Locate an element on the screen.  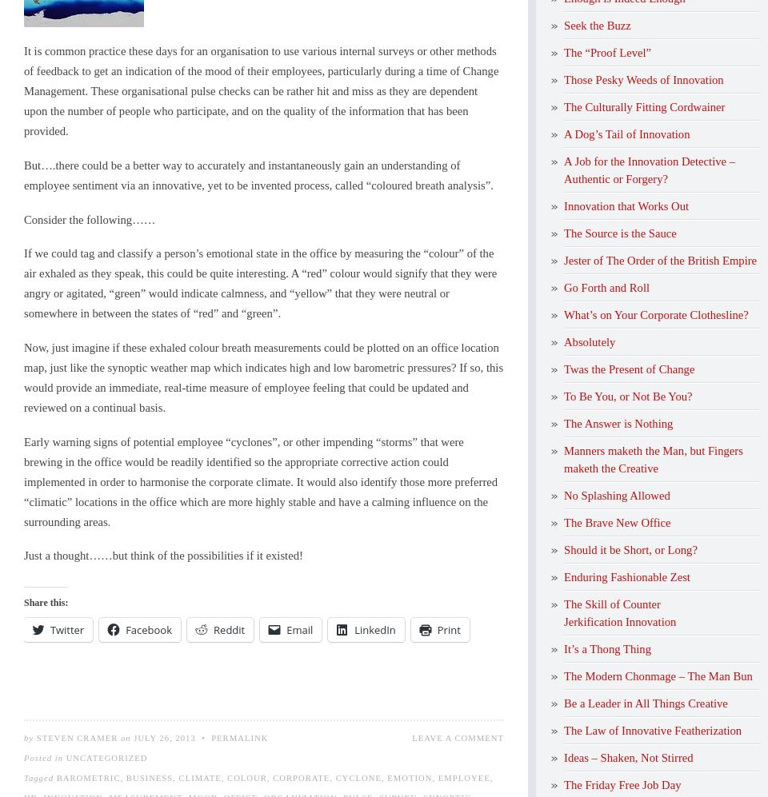
'business' is located at coordinates (124, 776).